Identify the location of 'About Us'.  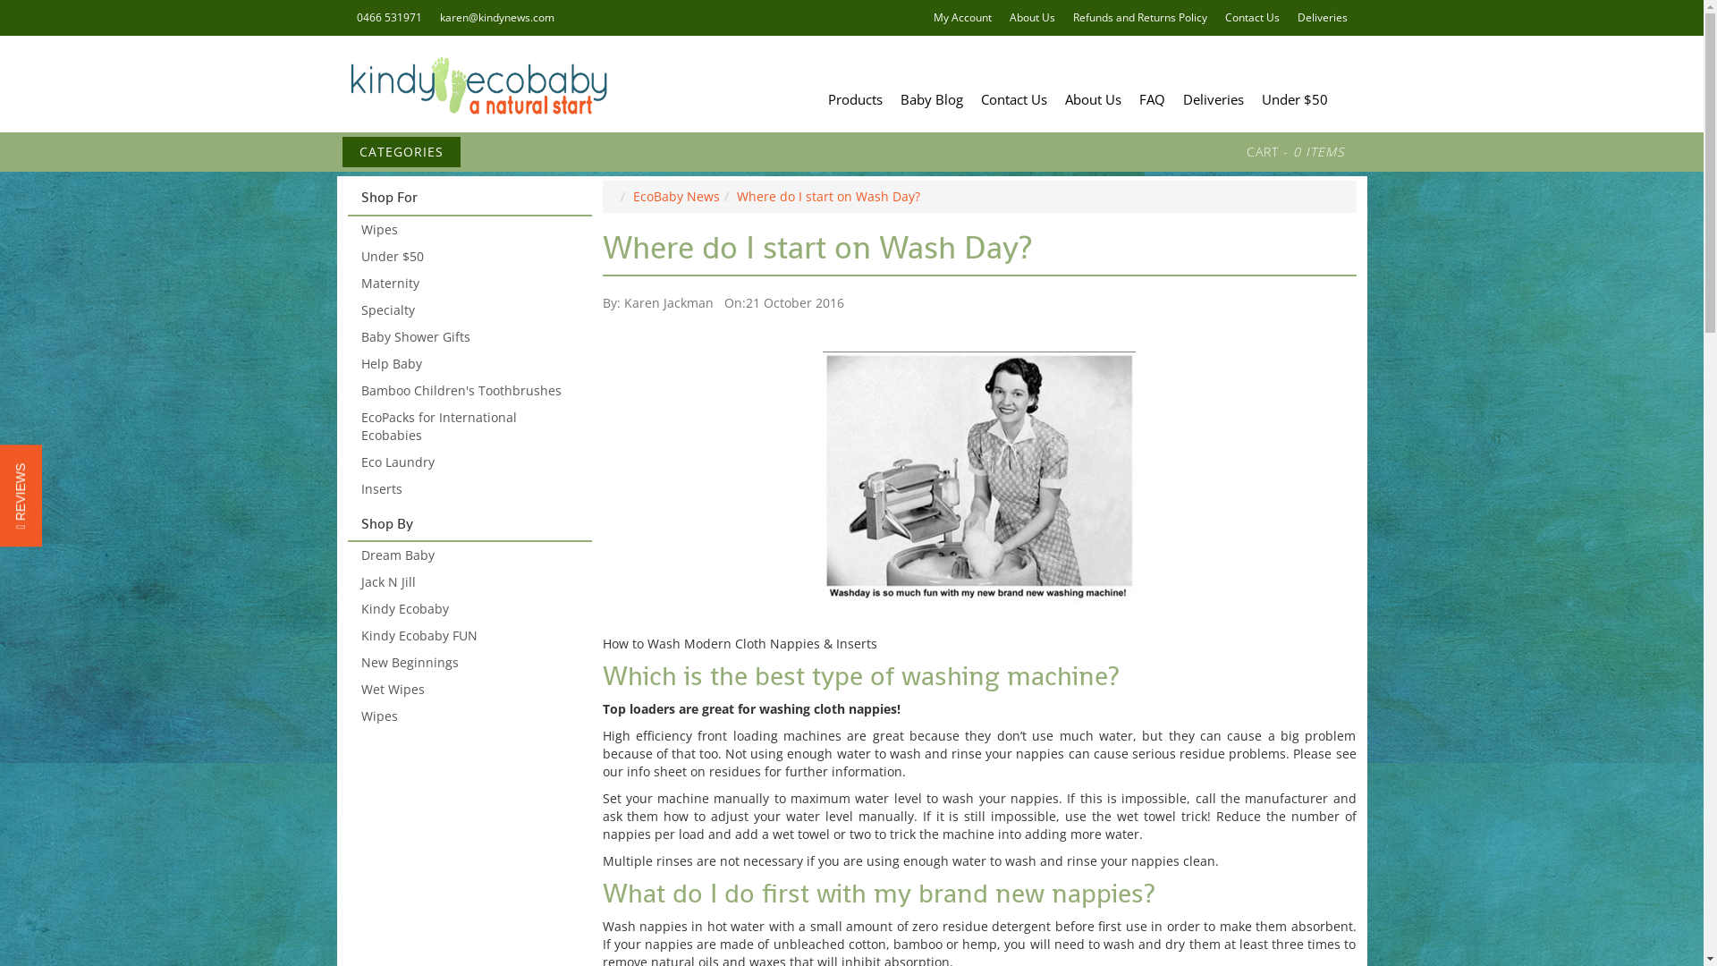
(1031, 17).